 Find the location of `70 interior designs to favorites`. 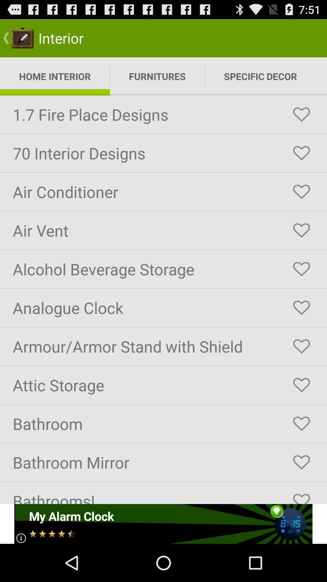

70 interior designs to favorites is located at coordinates (301, 153).